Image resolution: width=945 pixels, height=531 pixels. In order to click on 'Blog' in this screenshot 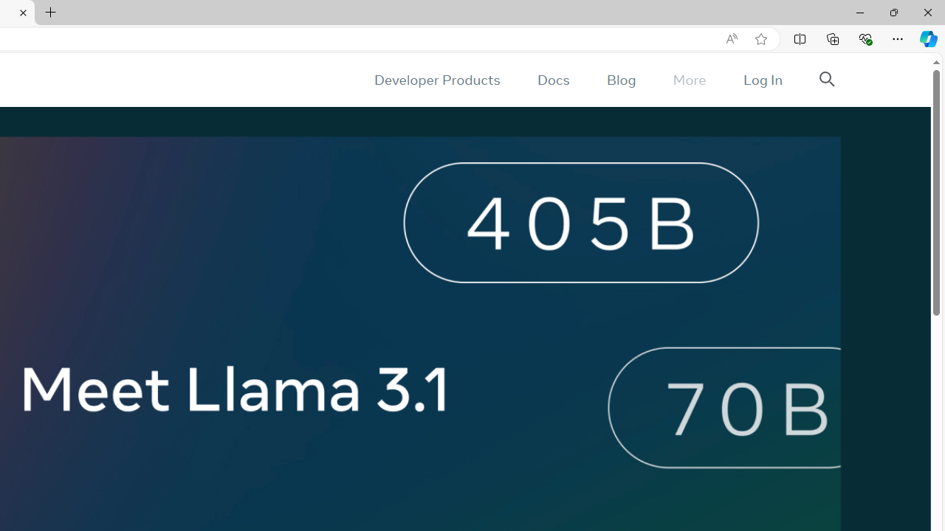, I will do `click(621, 80)`.